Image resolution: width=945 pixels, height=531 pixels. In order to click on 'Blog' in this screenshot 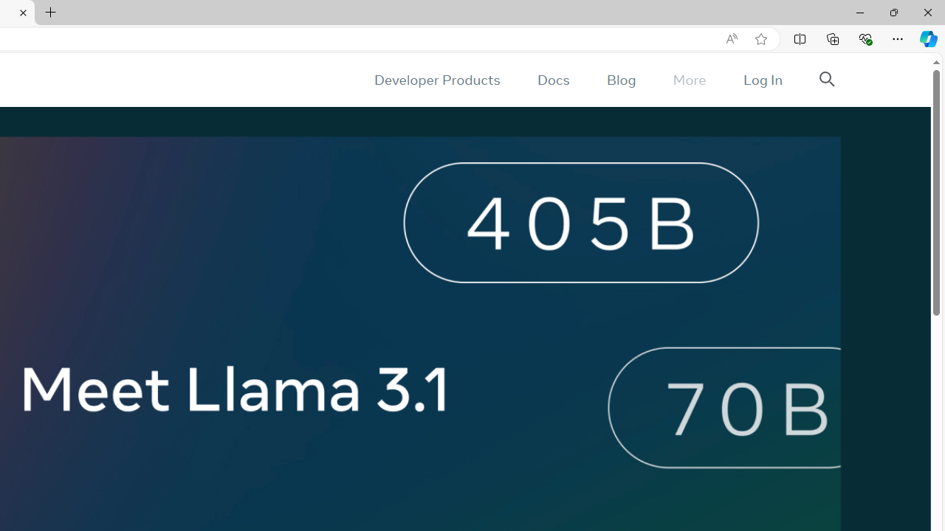, I will do `click(621, 80)`.